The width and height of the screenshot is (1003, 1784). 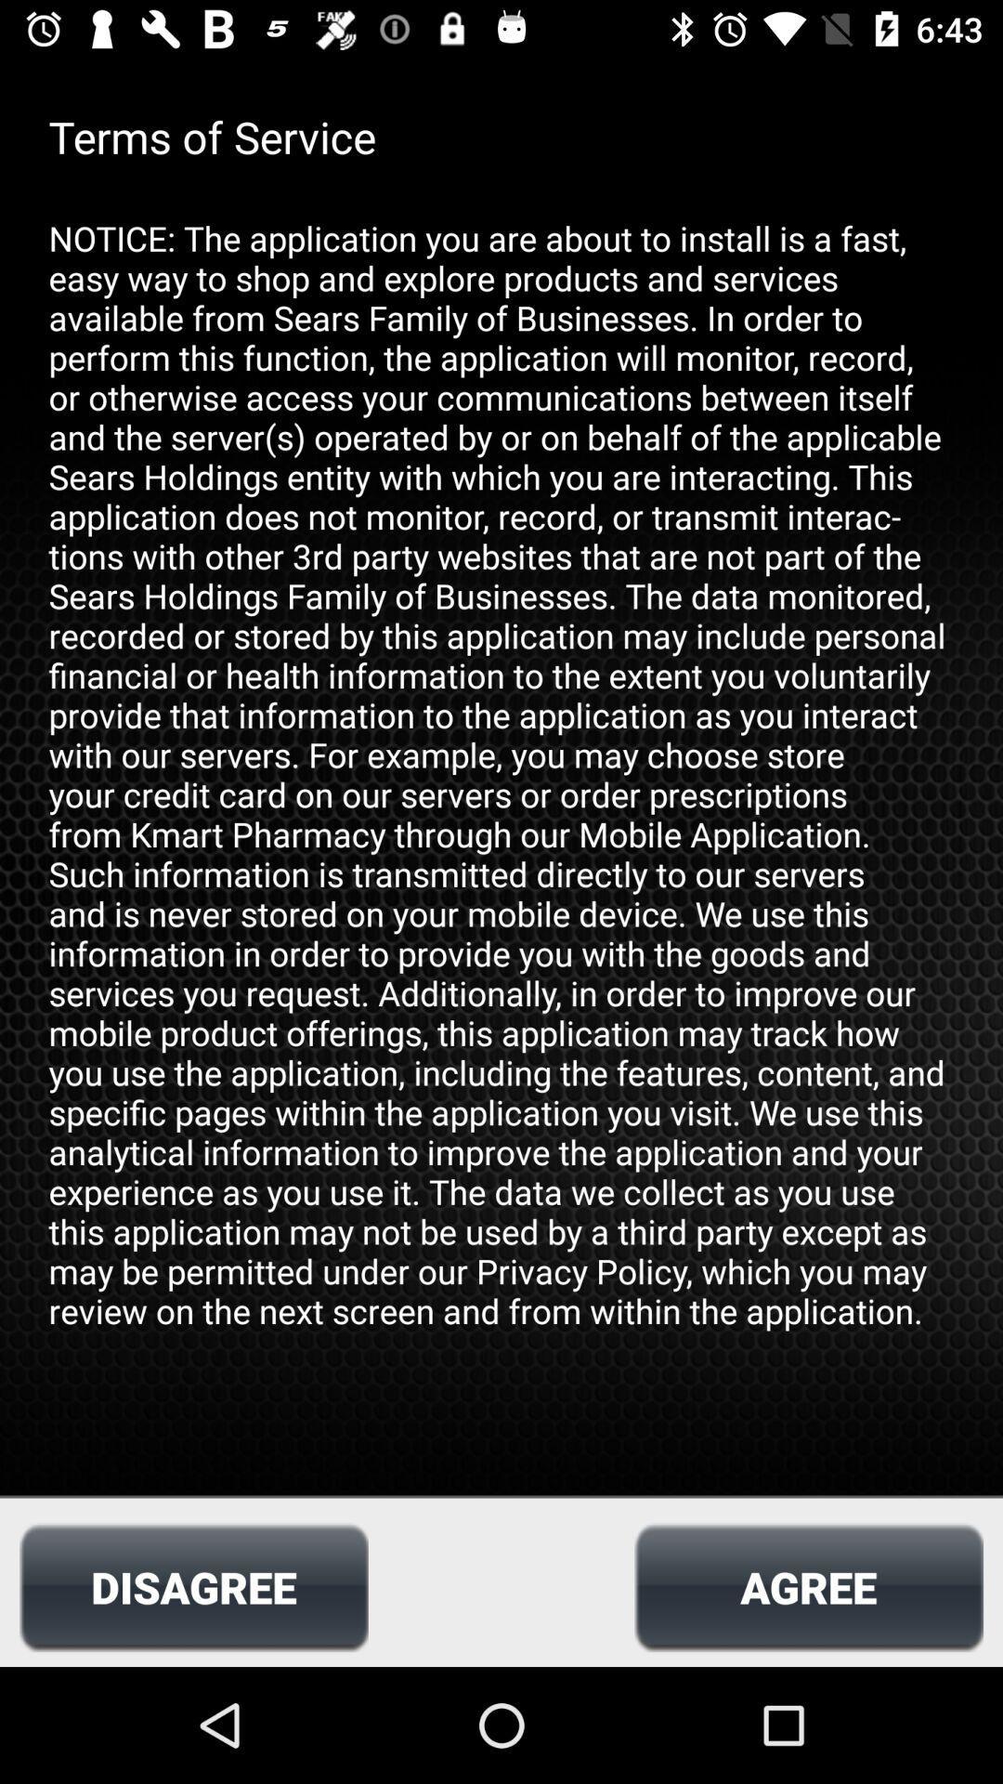 I want to click on icon at the bottom left corner, so click(x=193, y=1586).